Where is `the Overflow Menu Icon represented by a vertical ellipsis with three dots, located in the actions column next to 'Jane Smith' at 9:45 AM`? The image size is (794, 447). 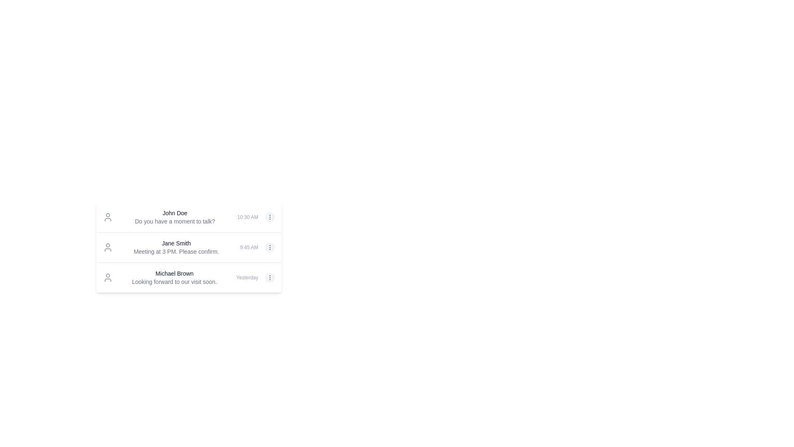 the Overflow Menu Icon represented by a vertical ellipsis with three dots, located in the actions column next to 'Jane Smith' at 9:45 AM is located at coordinates (270, 216).